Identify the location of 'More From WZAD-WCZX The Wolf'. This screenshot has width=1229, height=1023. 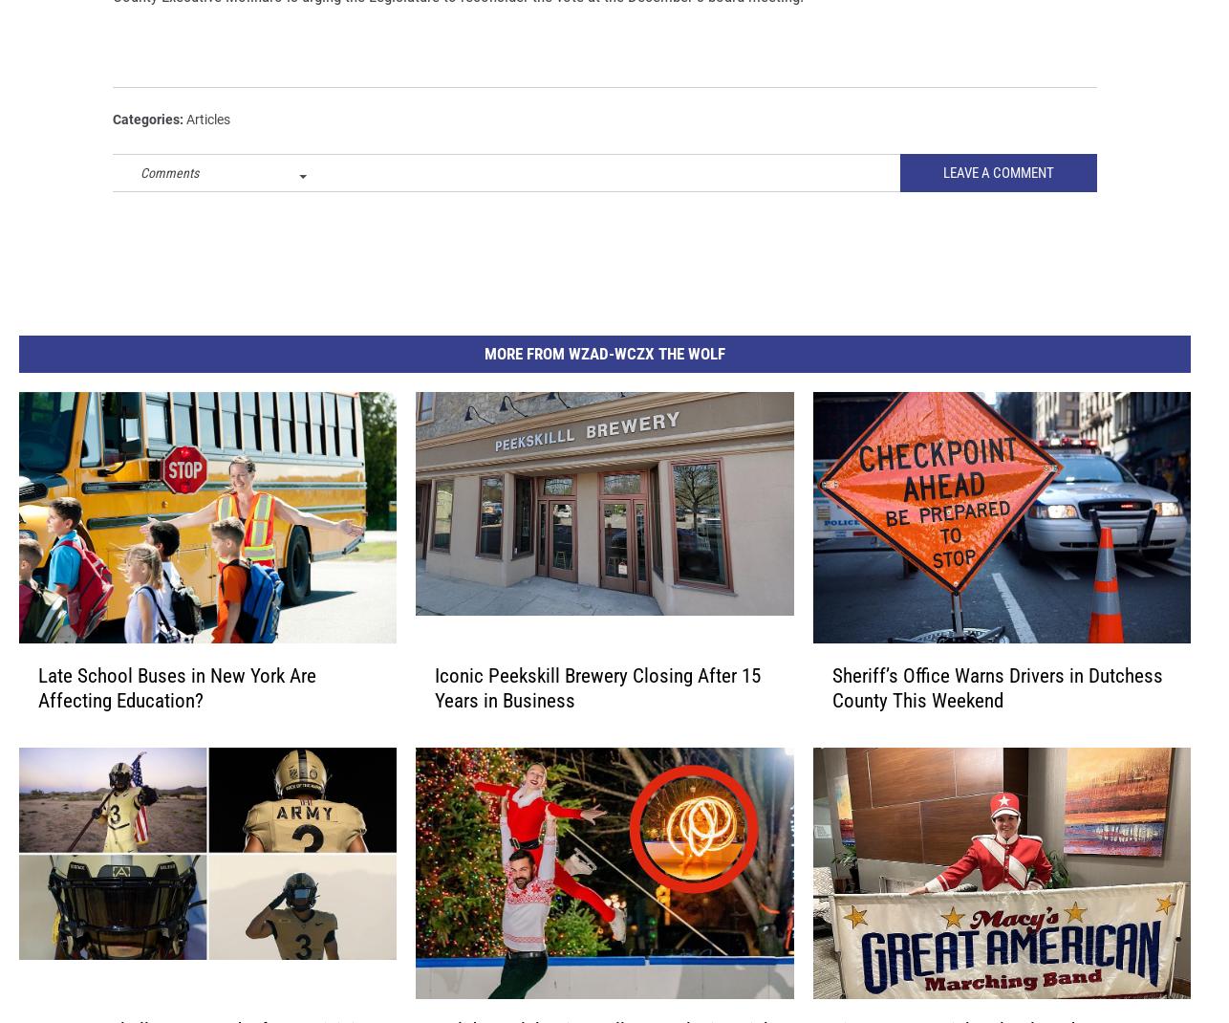
(603, 382).